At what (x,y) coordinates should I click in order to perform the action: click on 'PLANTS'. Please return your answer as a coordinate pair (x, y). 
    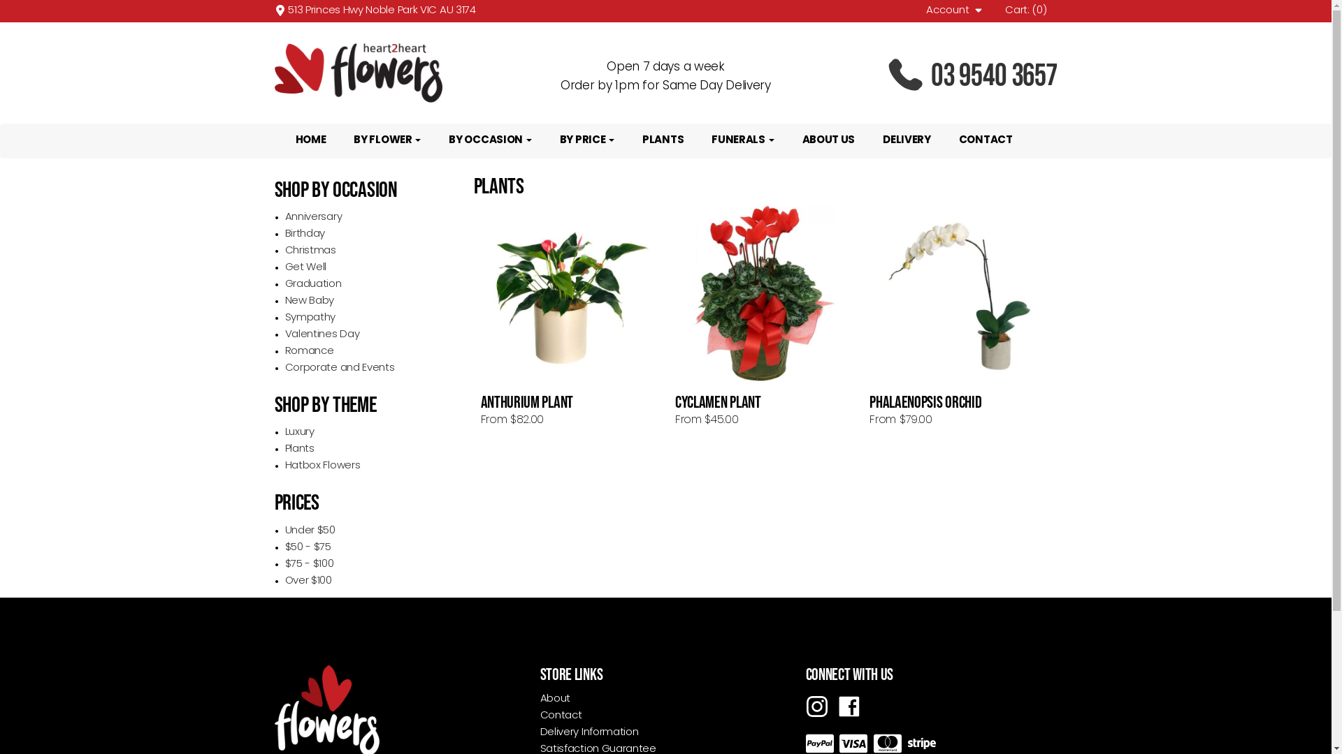
    Looking at the image, I should click on (662, 140).